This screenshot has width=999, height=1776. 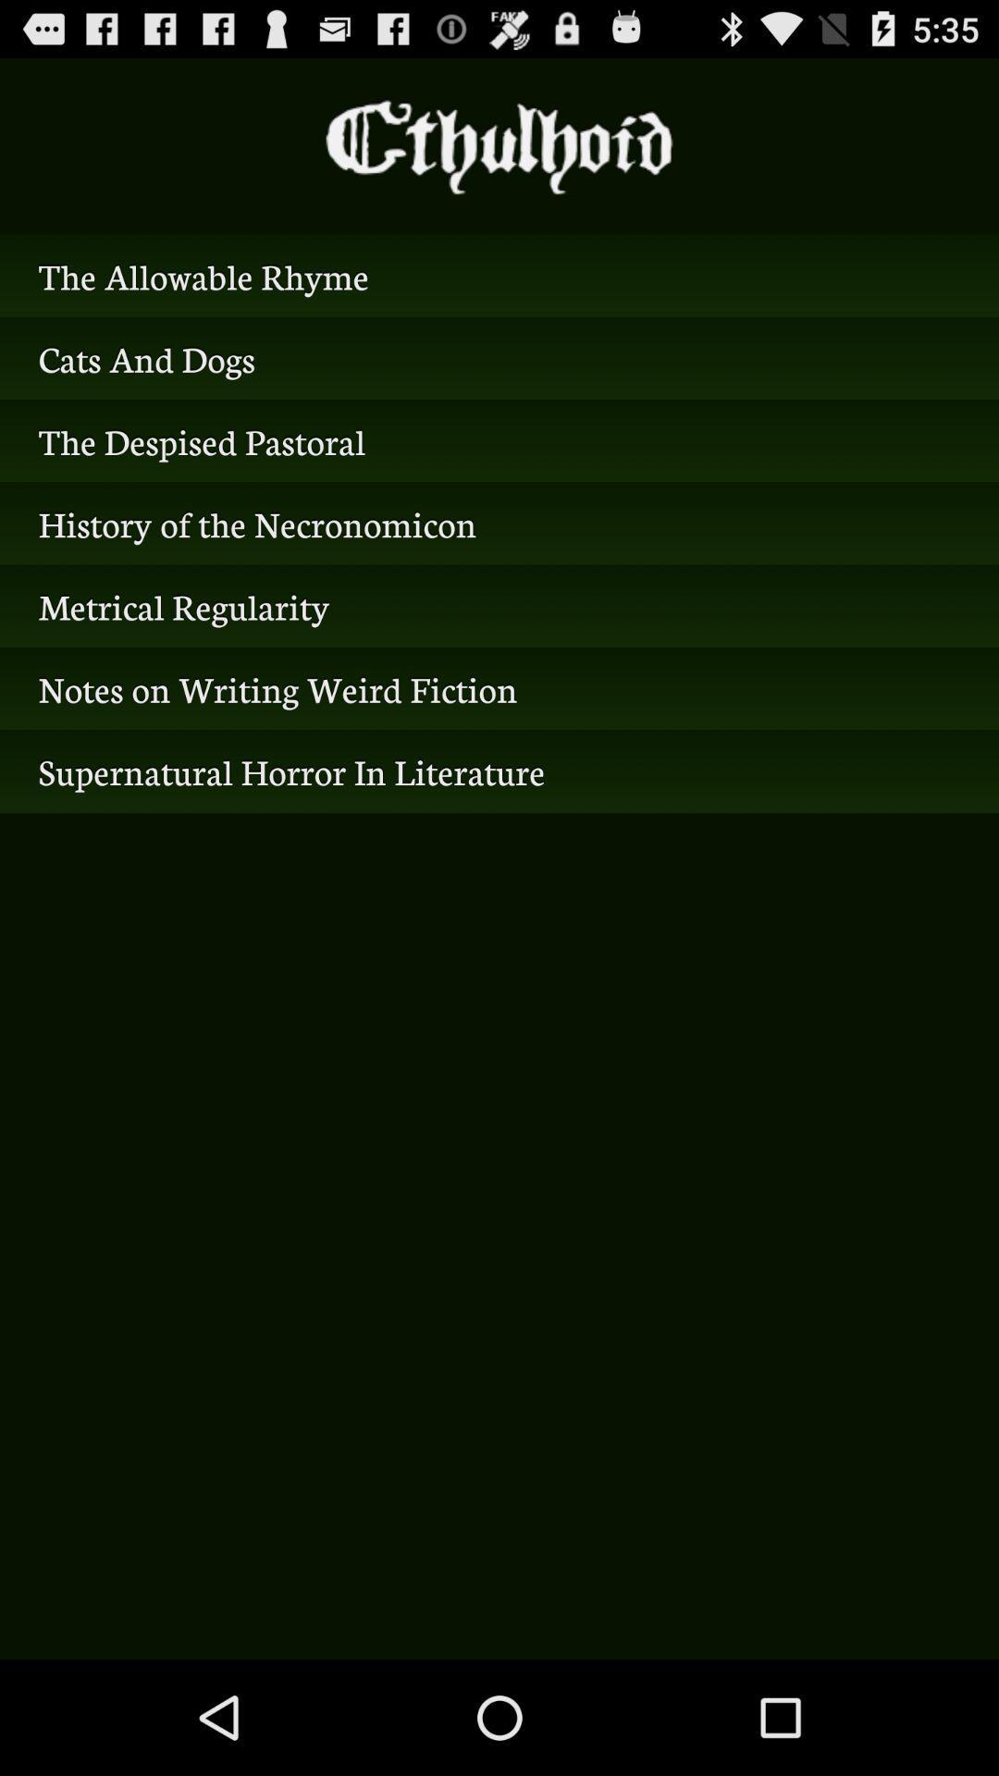 I want to click on cats and dogs icon, so click(x=499, y=358).